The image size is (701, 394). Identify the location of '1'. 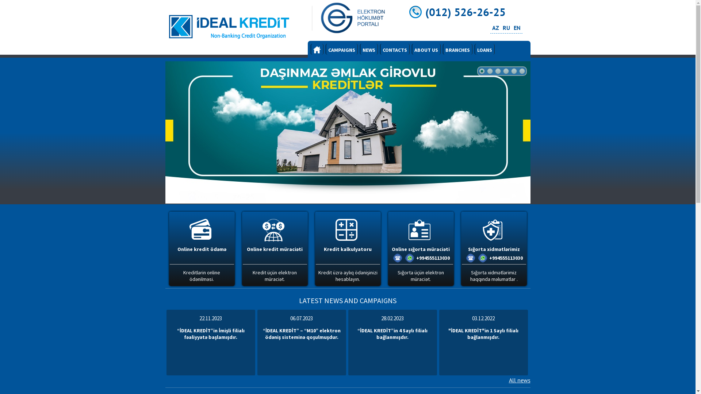
(482, 71).